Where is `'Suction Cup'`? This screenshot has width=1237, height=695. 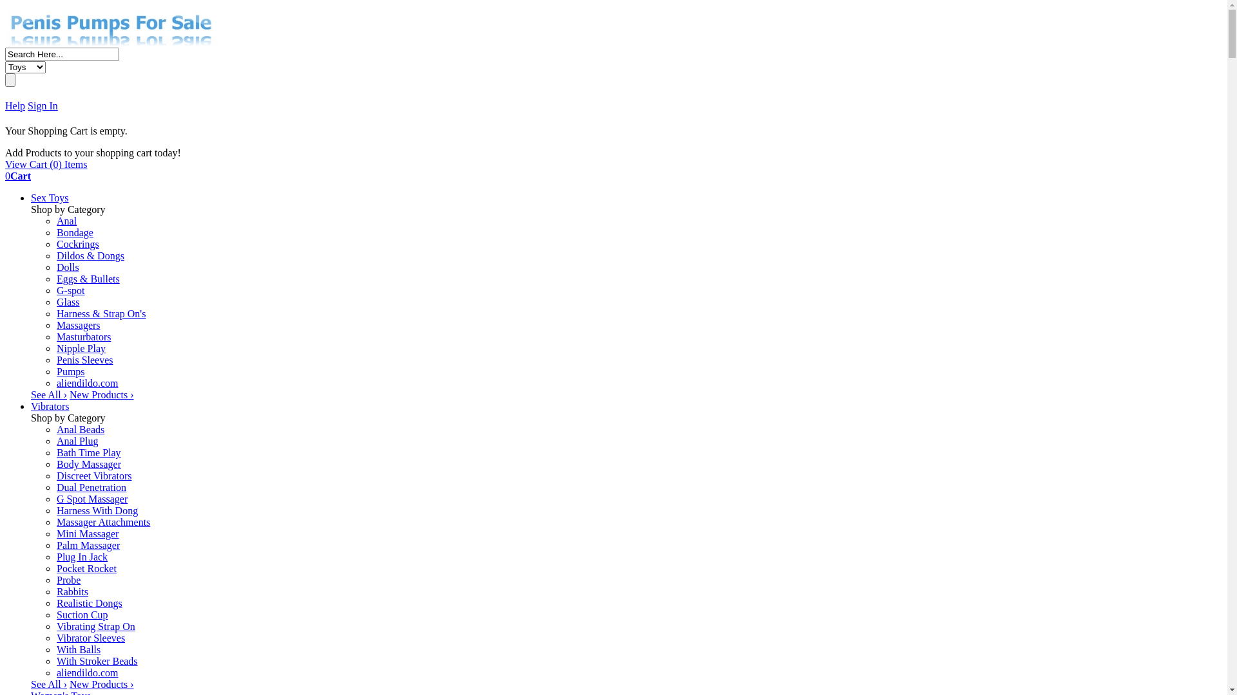 'Suction Cup' is located at coordinates (82, 614).